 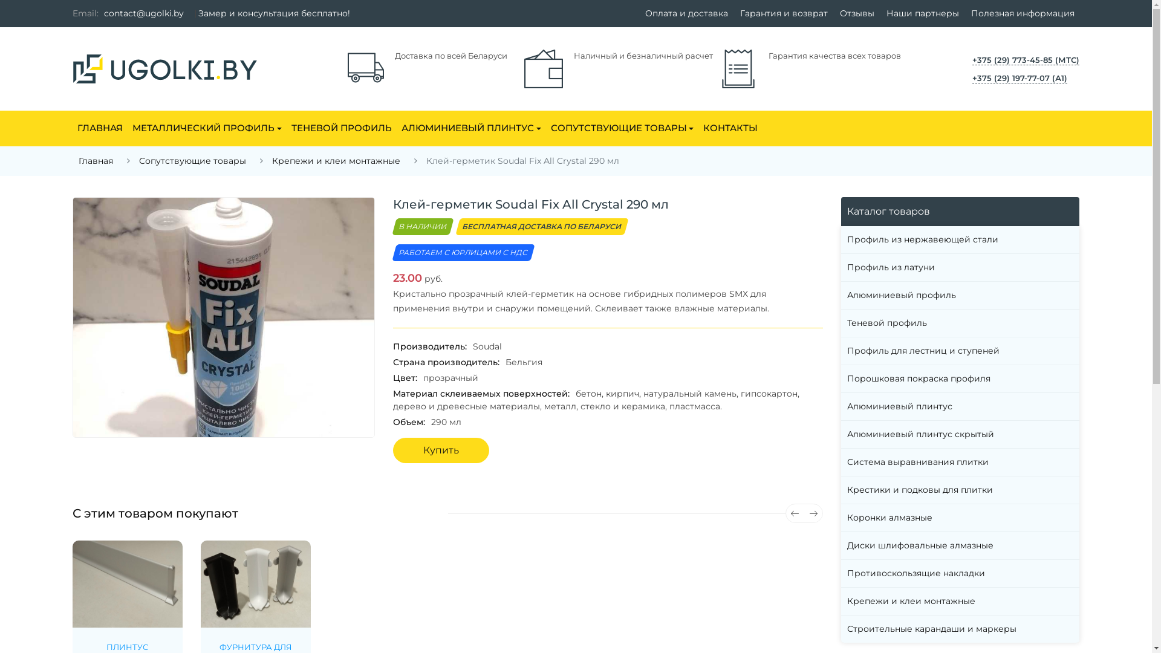 What do you see at coordinates (144, 13) in the screenshot?
I see `'contact@ugolki.by'` at bounding box center [144, 13].